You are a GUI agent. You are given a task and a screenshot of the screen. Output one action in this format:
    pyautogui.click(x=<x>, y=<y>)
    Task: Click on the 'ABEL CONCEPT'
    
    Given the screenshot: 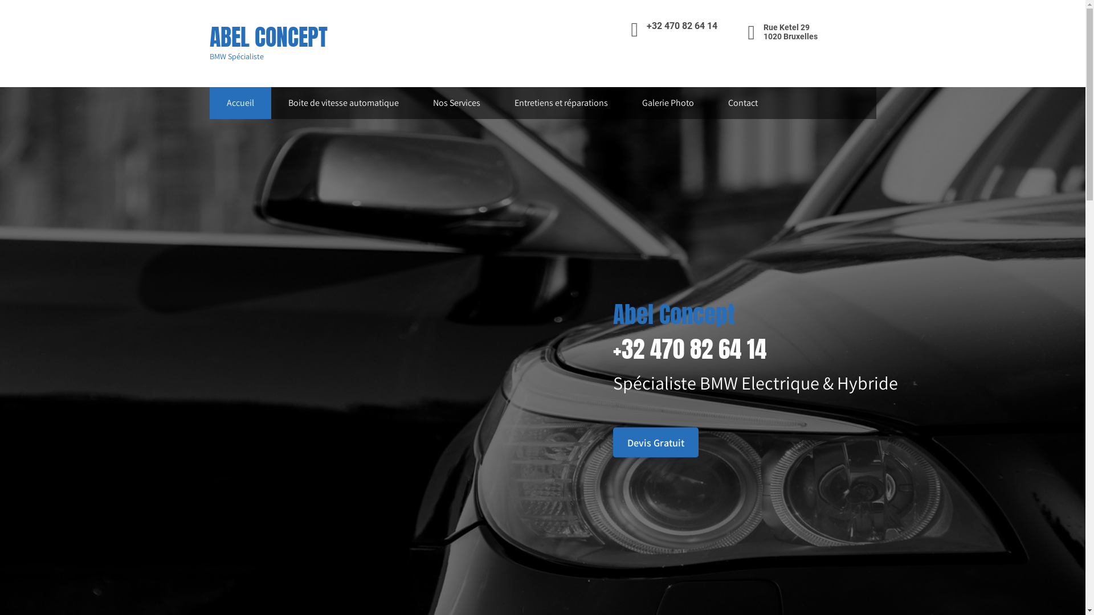 What is the action you would take?
    pyautogui.click(x=210, y=36)
    